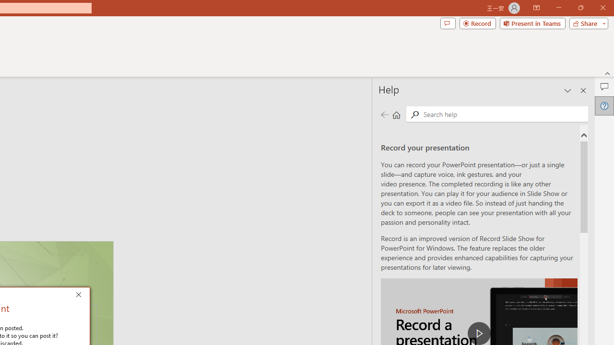  What do you see at coordinates (384, 114) in the screenshot?
I see `'Previous page'` at bounding box center [384, 114].